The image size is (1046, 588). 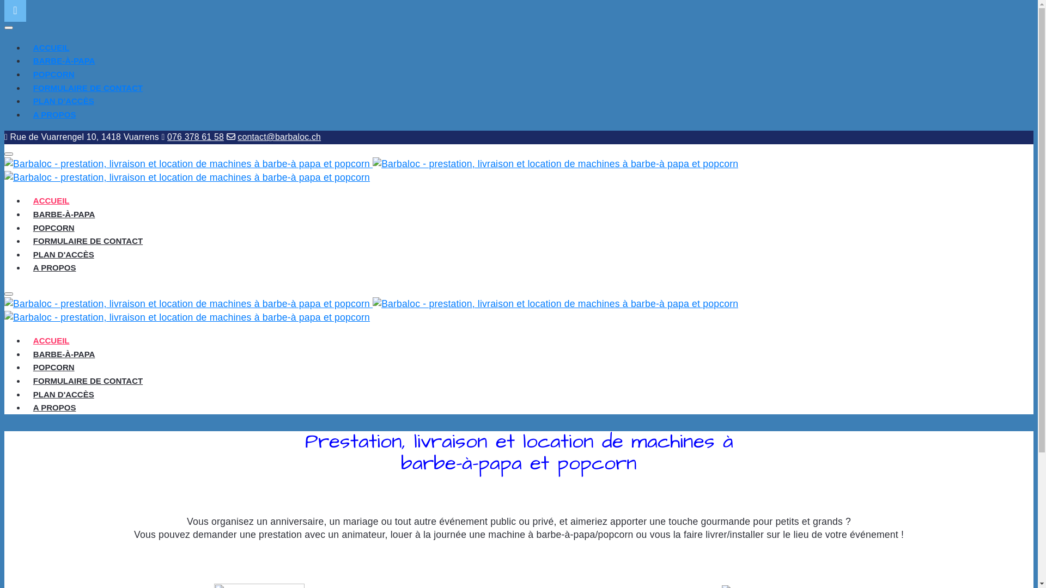 I want to click on 'FORMULAIRE DE CONTACT', so click(x=26, y=380).